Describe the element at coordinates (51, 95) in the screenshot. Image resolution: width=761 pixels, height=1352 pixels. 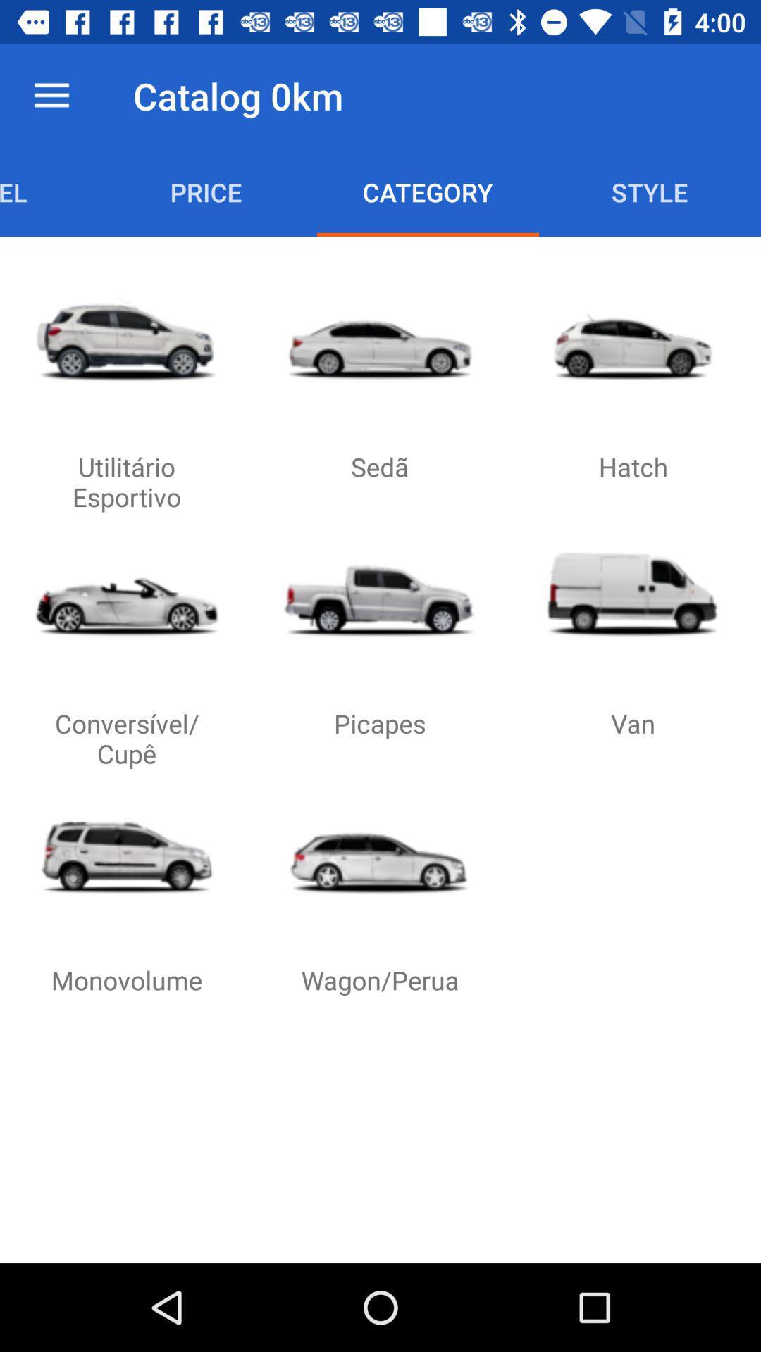
I see `the icon to the left of catalog 0km icon` at that location.